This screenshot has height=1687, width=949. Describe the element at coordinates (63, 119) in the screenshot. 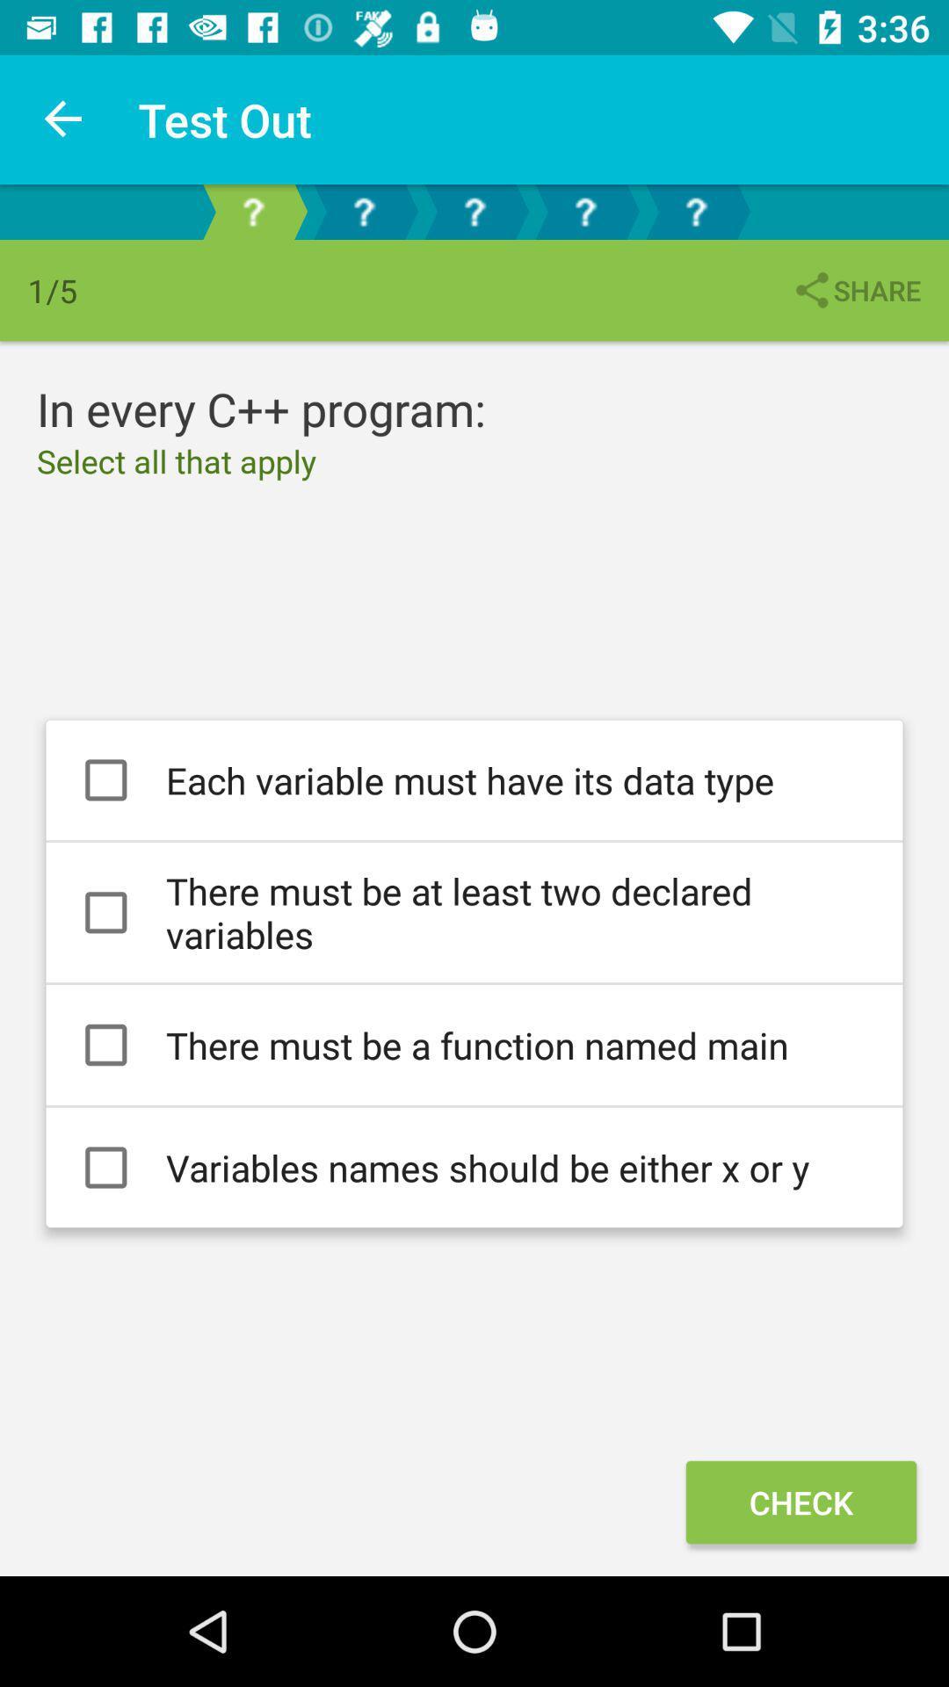

I see `item next to the test out icon` at that location.